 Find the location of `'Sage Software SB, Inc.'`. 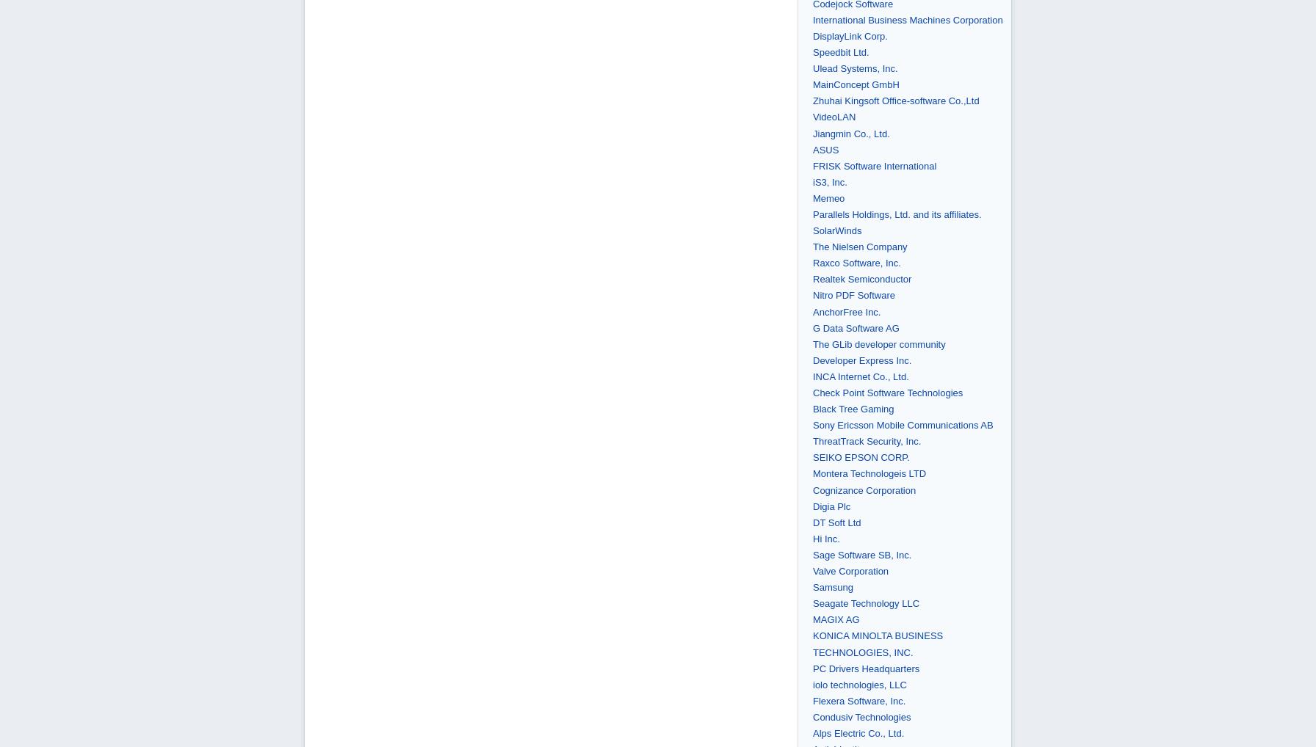

'Sage Software SB, Inc.' is located at coordinates (812, 553).